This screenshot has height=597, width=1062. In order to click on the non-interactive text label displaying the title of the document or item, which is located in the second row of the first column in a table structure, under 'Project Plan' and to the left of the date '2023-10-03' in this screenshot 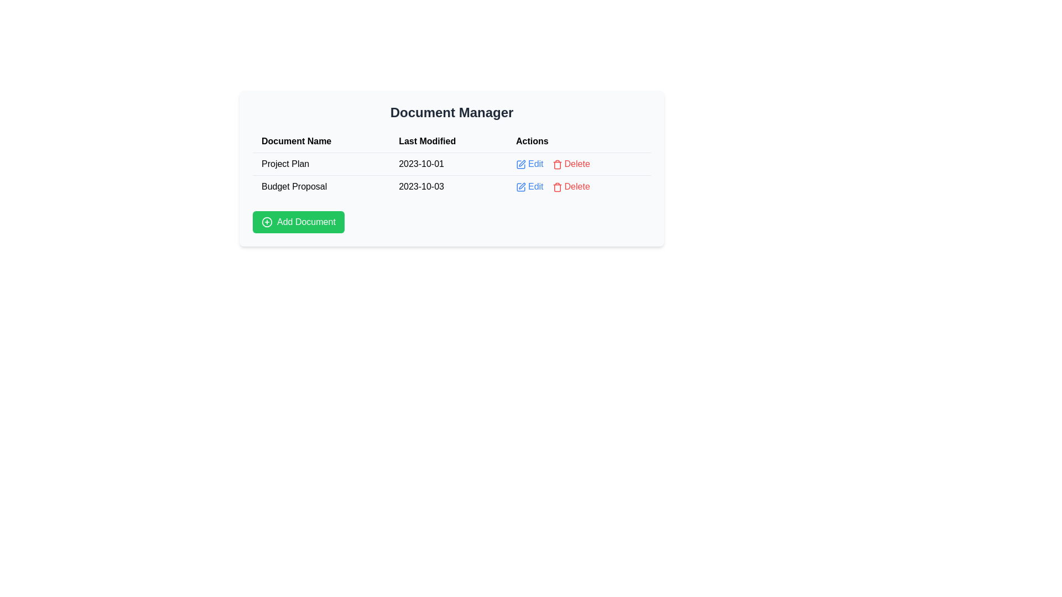, I will do `click(320, 186)`.